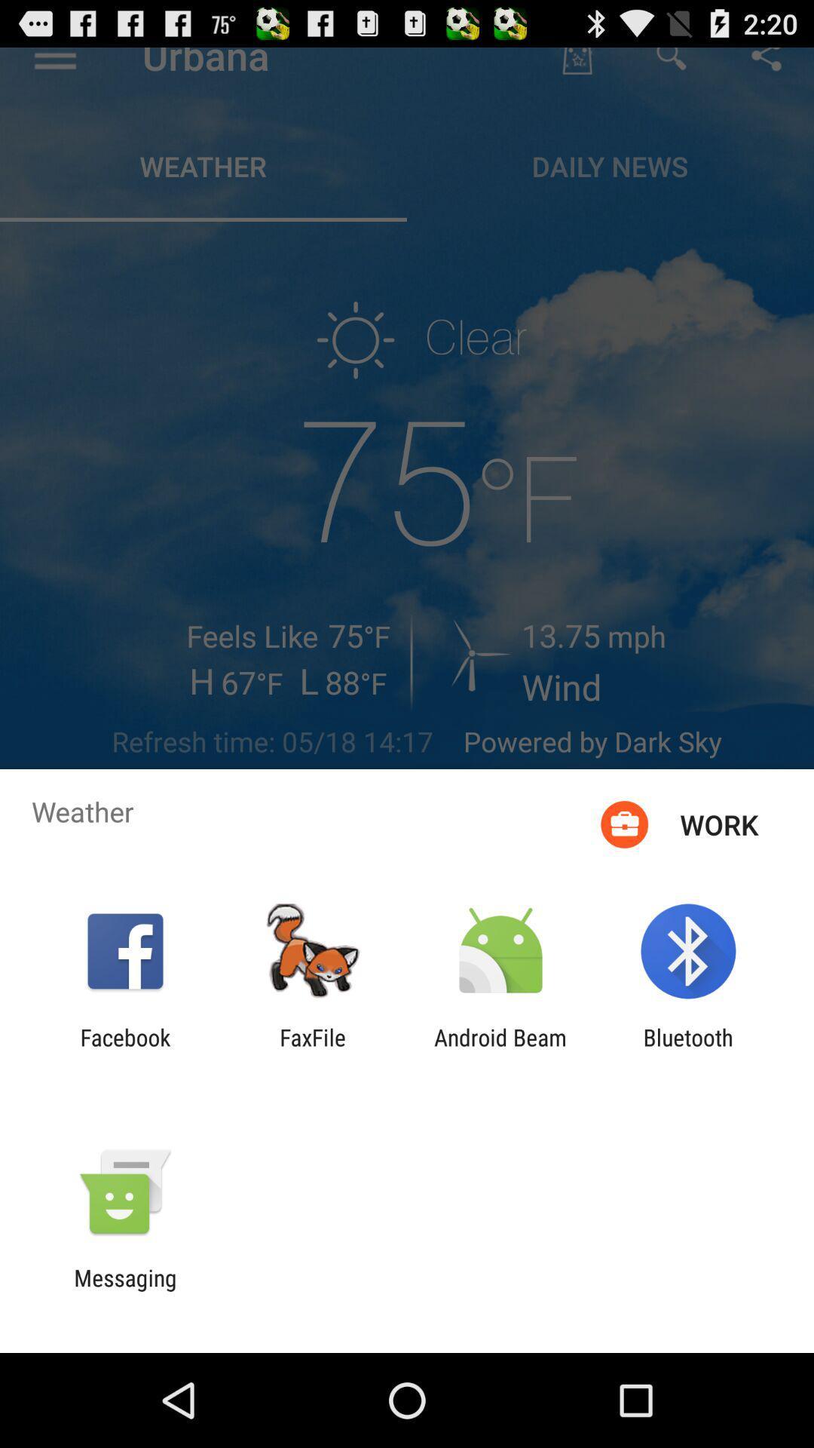 Image resolution: width=814 pixels, height=1448 pixels. What do you see at coordinates (124, 1050) in the screenshot?
I see `item next to the faxfile` at bounding box center [124, 1050].